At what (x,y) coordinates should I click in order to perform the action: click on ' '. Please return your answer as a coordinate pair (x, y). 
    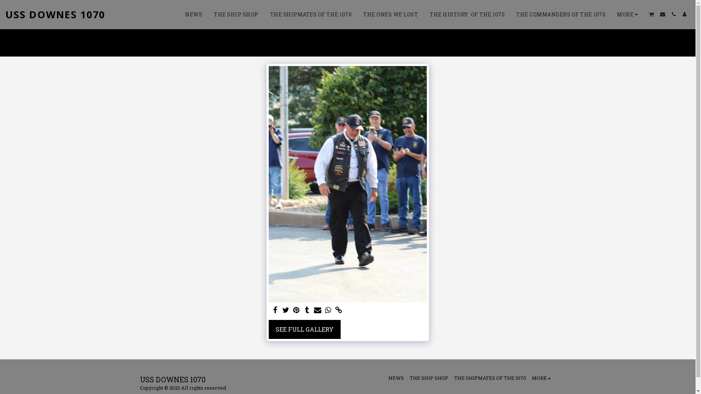
    Looking at the image, I should click on (327, 310).